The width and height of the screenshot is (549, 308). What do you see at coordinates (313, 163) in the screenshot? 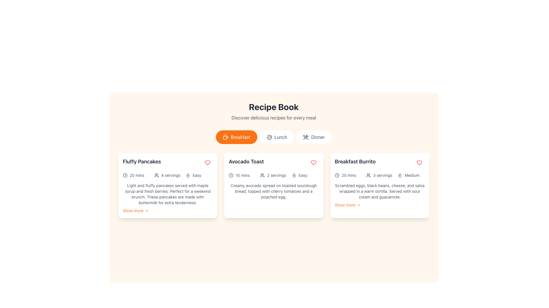
I see `the heart icon in the top-right corner of the 'Avocado Toast' card` at bounding box center [313, 163].